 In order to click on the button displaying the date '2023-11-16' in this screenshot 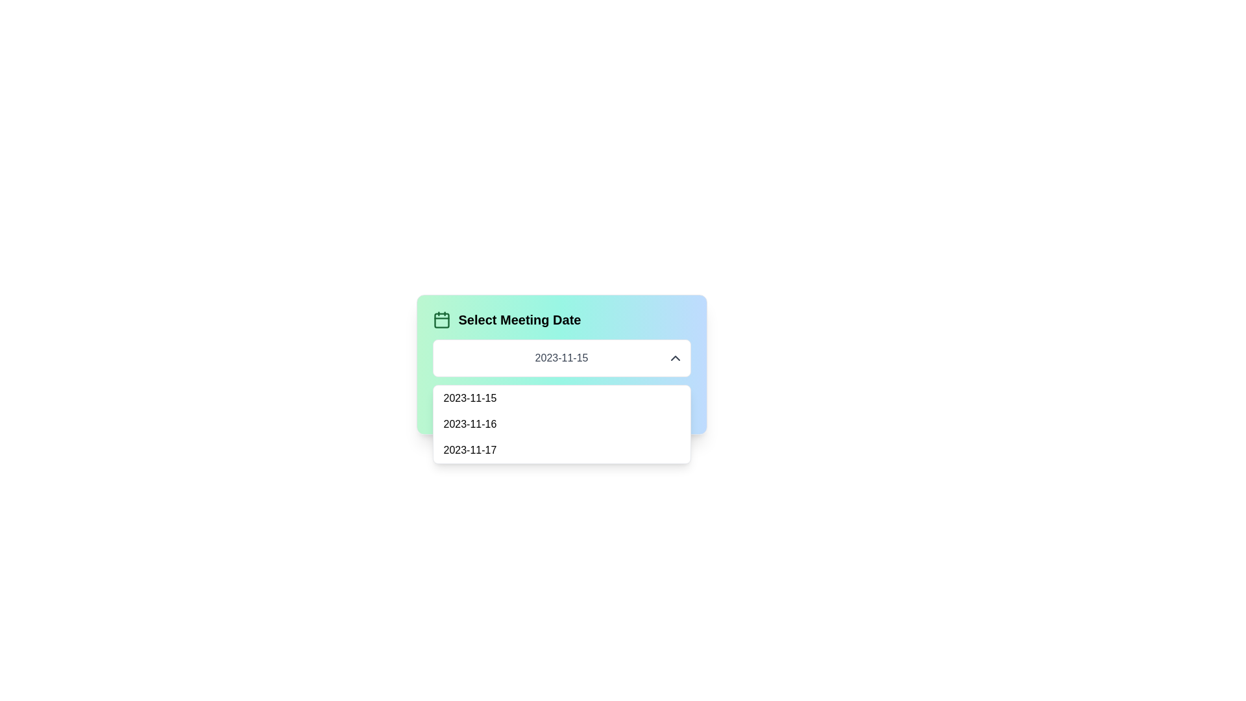, I will do `click(561, 424)`.